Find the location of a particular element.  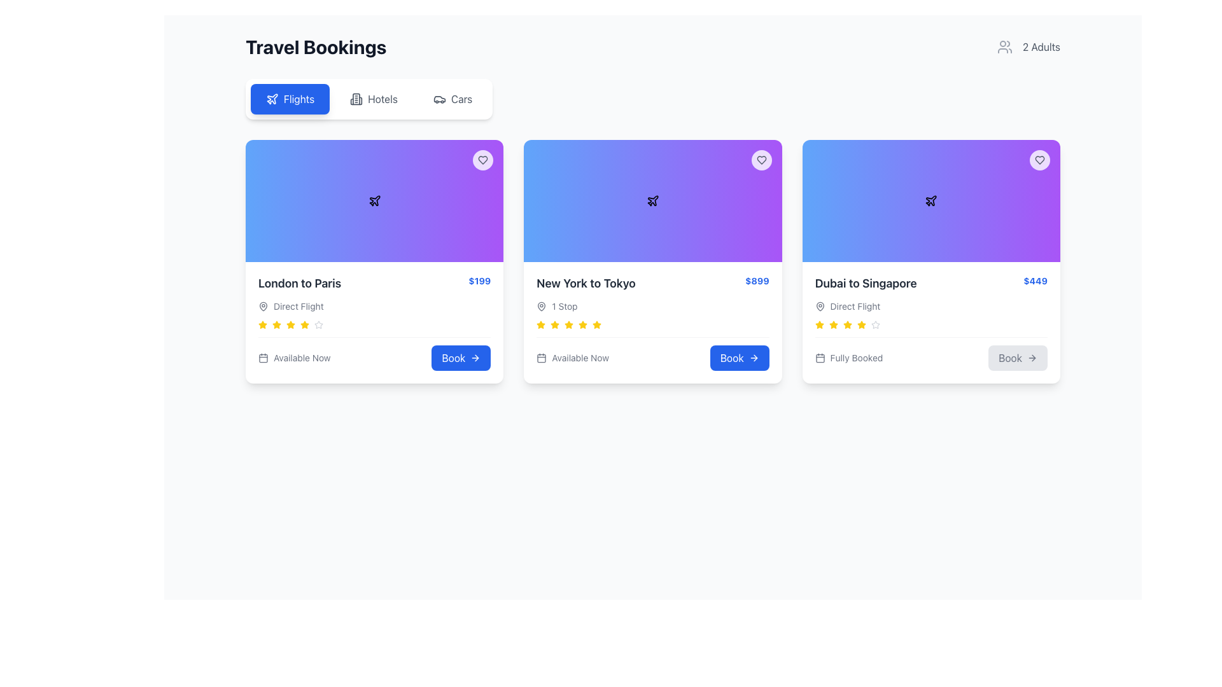

the arrow icon within the 'Book' button on the travel card for the trip from 'Dubai to Singapore' is located at coordinates (1032, 358).